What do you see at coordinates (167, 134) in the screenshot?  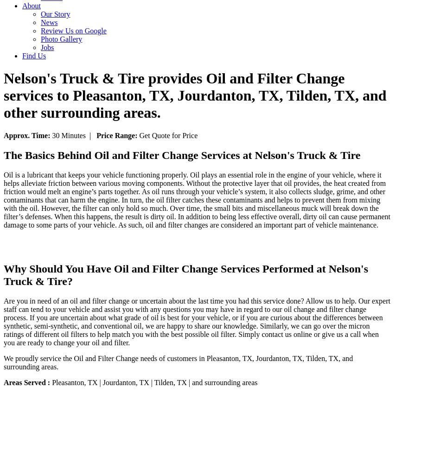 I see `'Get Quote for Price'` at bounding box center [167, 134].